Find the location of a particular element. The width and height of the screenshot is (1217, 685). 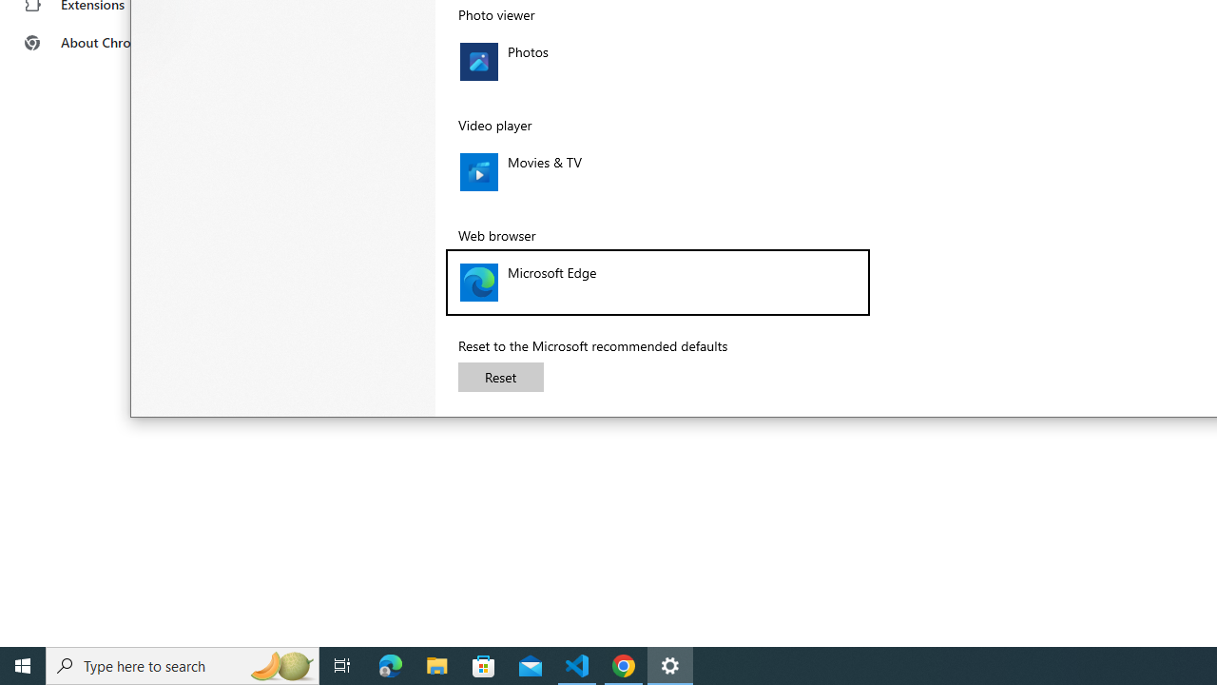

'Google Chrome - 1 running window' is located at coordinates (624, 664).